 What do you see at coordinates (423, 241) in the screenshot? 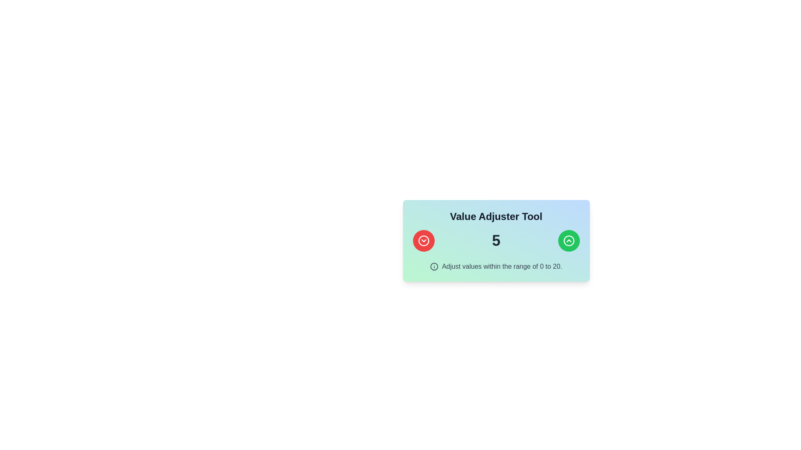
I see `the circular red button with a white border and a downward-pointing chevron icon, located in the leftmost position of the Value Adjuster Tool interface` at bounding box center [423, 241].